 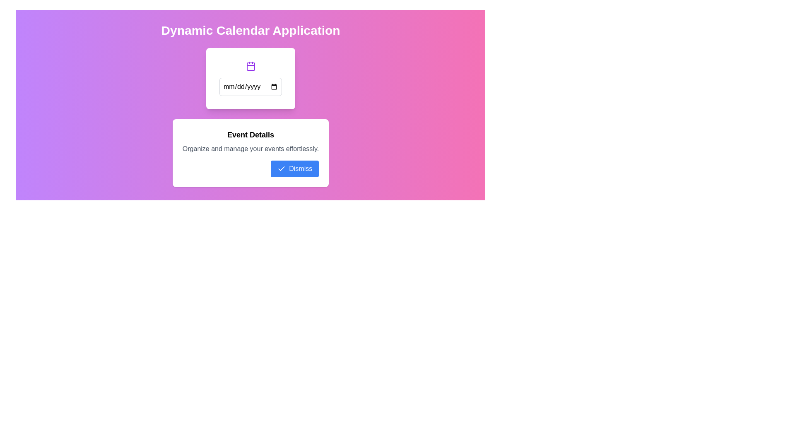 I want to click on the large, bold title text 'Dynamic Calendar Application' displayed at the top center of the interface on a purple-to-pink gradient background, so click(x=250, y=30).